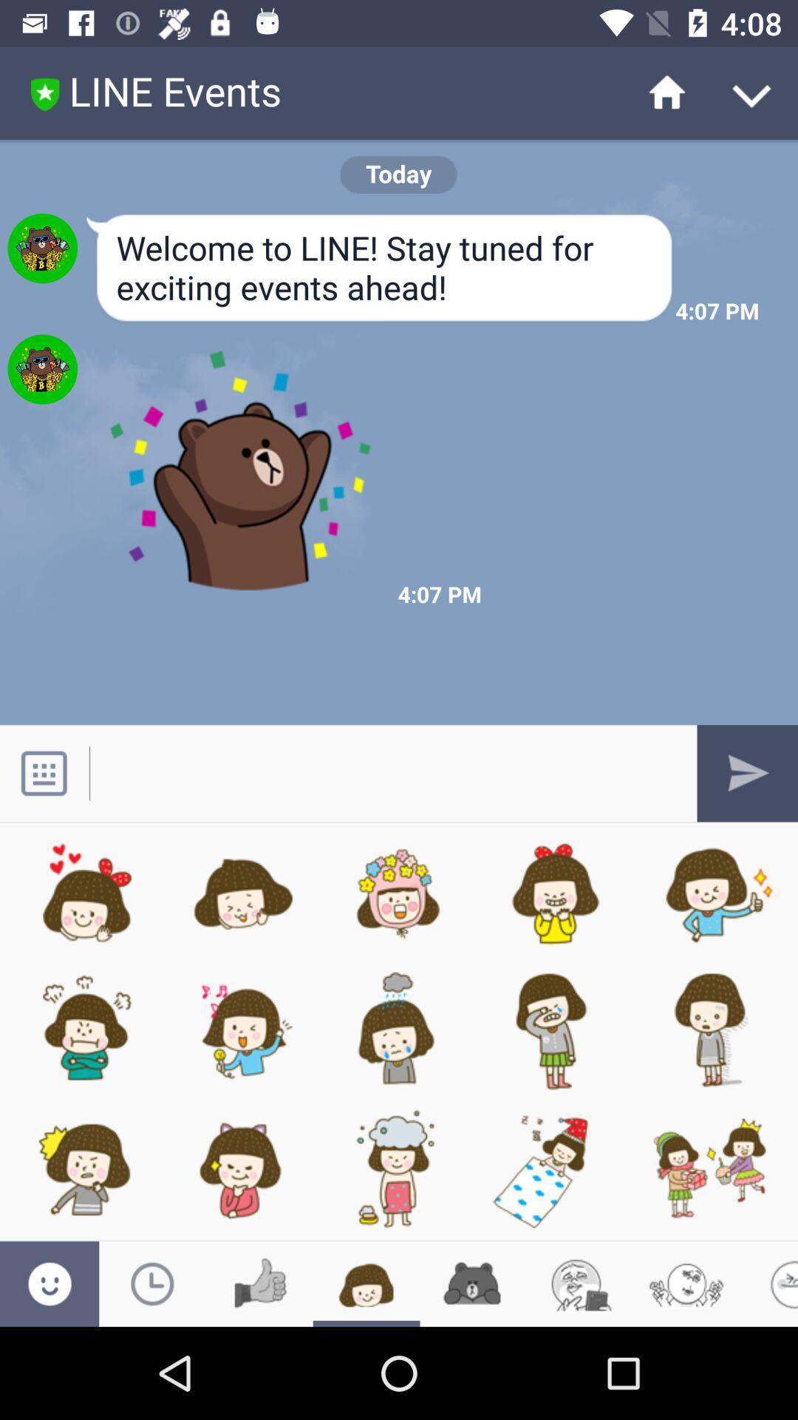 This screenshot has width=798, height=1420. What do you see at coordinates (49, 1283) in the screenshot?
I see `the emoji icon` at bounding box center [49, 1283].